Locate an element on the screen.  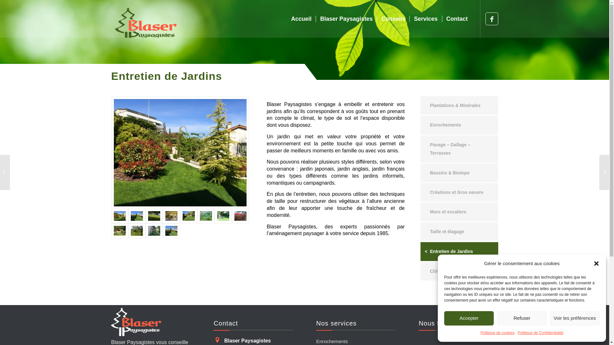
'11011836_1416966238623144_9051253976333822342_n' is located at coordinates (180, 153).